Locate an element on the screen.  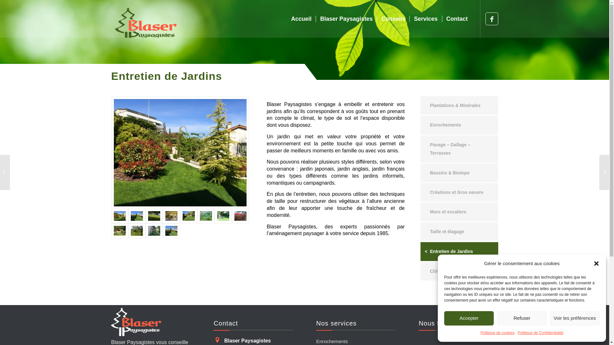
'11011836_1416966238623144_9051253976333822342_n' is located at coordinates (180, 153).